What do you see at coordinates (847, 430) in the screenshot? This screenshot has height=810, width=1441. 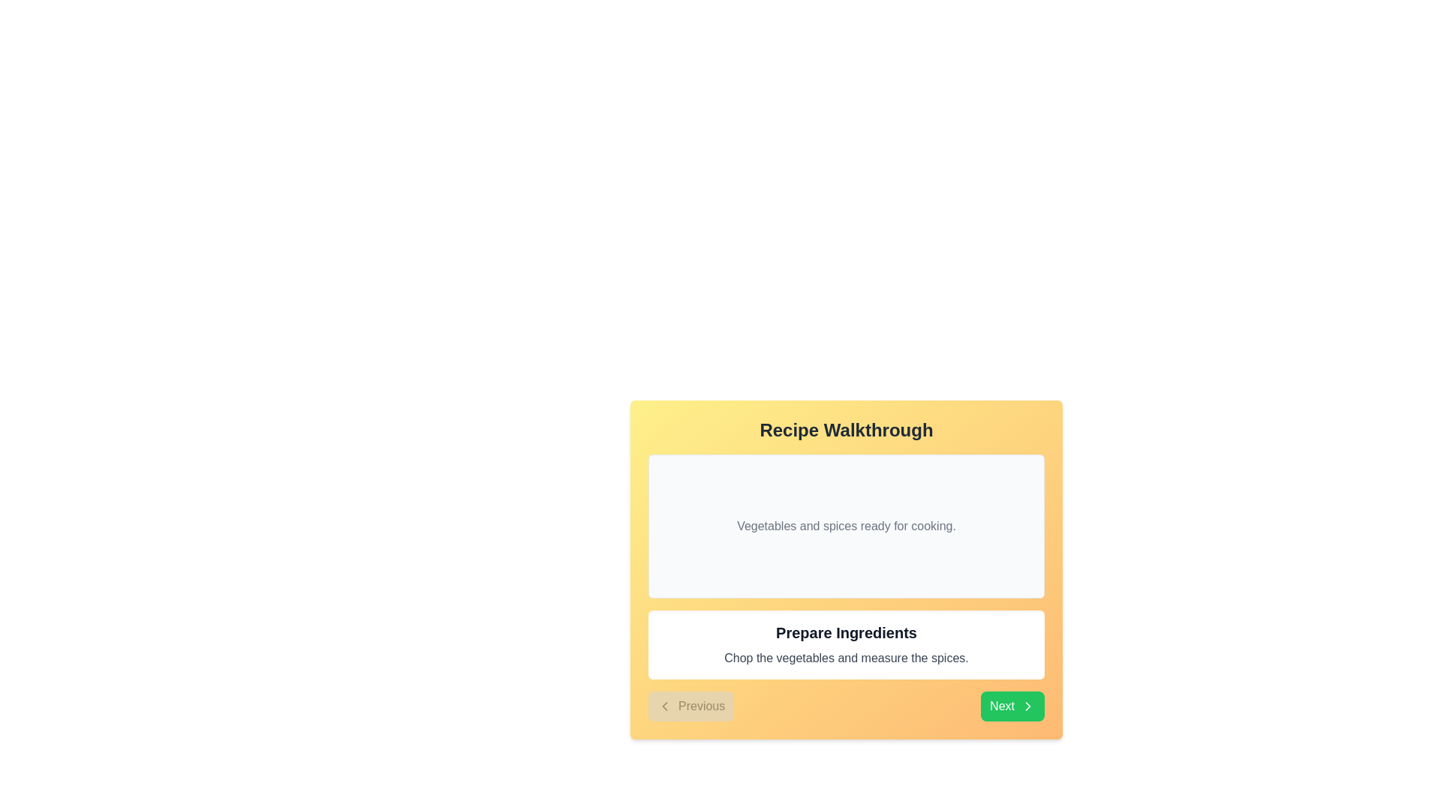 I see `the text label serving as a header for the recipe guide, located at the top of the panel with a yellow-to-orange gradient background` at bounding box center [847, 430].